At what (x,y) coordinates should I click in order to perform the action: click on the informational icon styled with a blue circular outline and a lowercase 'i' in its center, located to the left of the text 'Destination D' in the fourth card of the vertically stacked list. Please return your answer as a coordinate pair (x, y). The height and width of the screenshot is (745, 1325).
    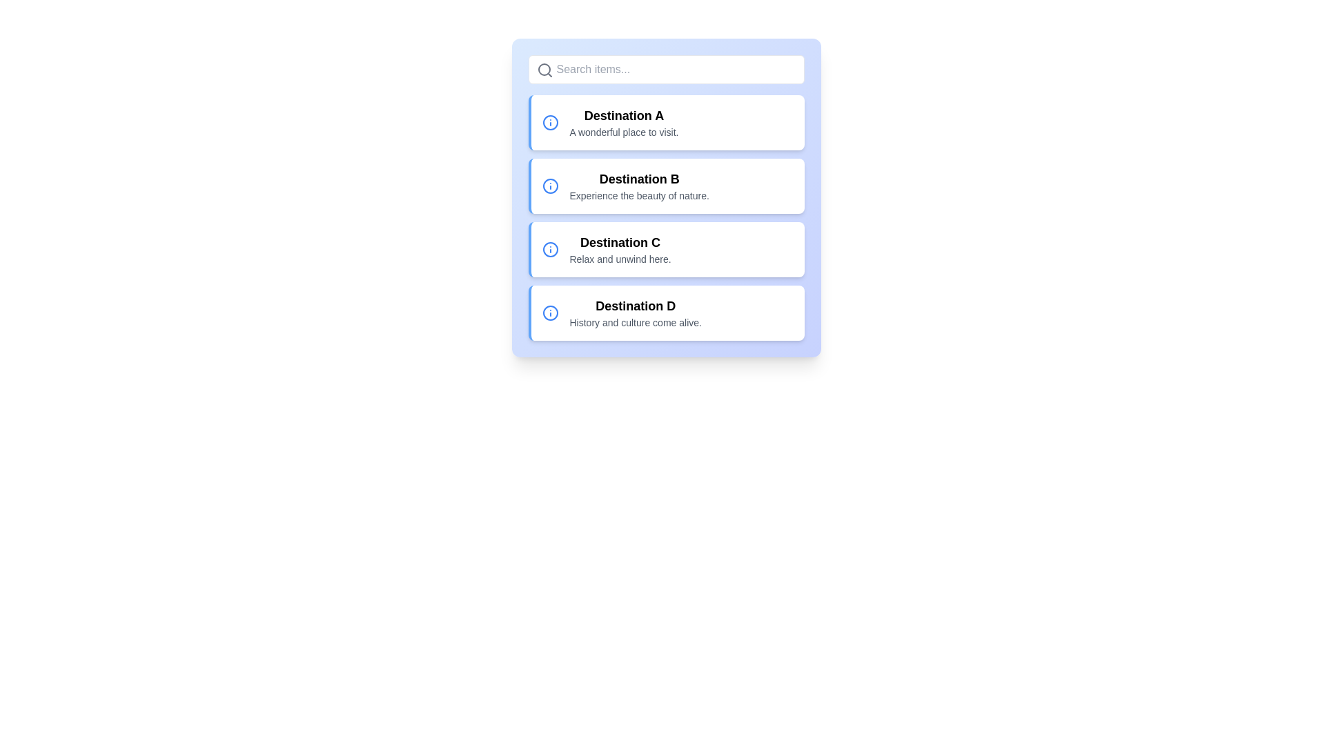
    Looking at the image, I should click on (549, 313).